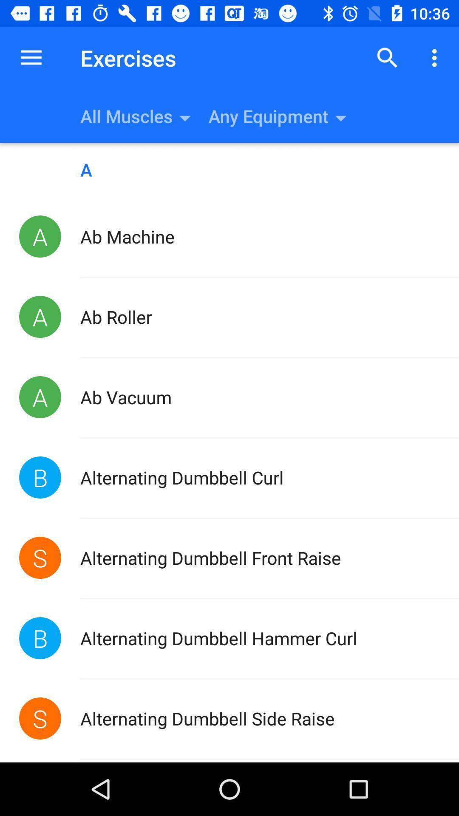  Describe the element at coordinates (436, 57) in the screenshot. I see `menu` at that location.